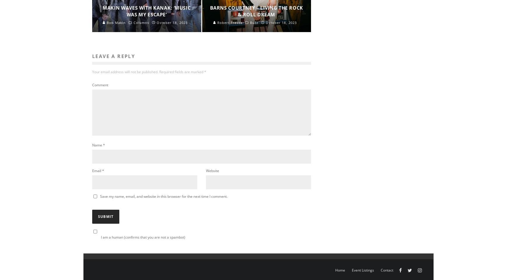 The image size is (517, 280). What do you see at coordinates (113, 56) in the screenshot?
I see `'Leave a Reply'` at bounding box center [113, 56].